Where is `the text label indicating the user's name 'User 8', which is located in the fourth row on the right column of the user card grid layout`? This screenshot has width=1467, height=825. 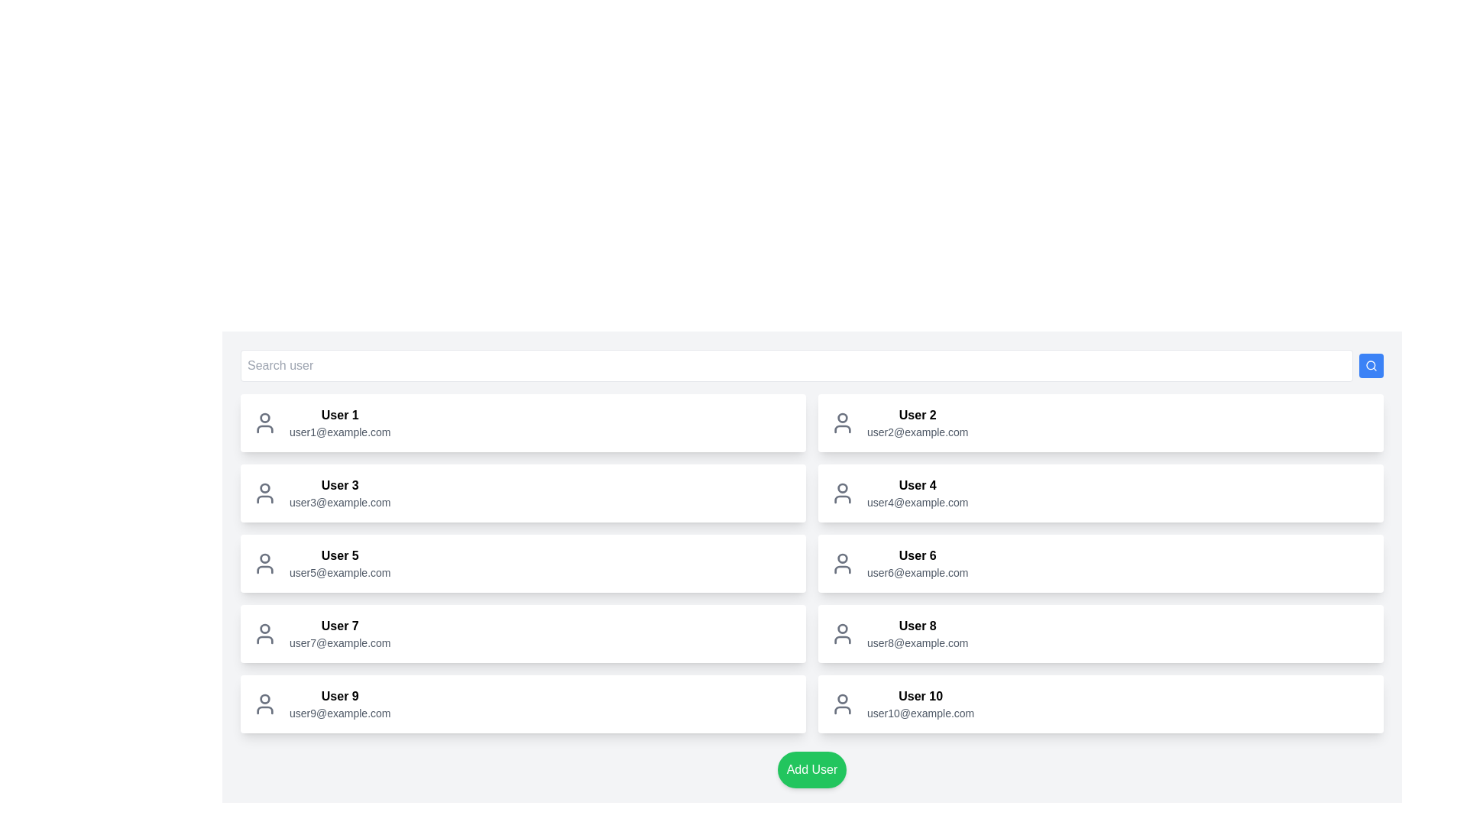 the text label indicating the user's name 'User 8', which is located in the fourth row on the right column of the user card grid layout is located at coordinates (917, 626).